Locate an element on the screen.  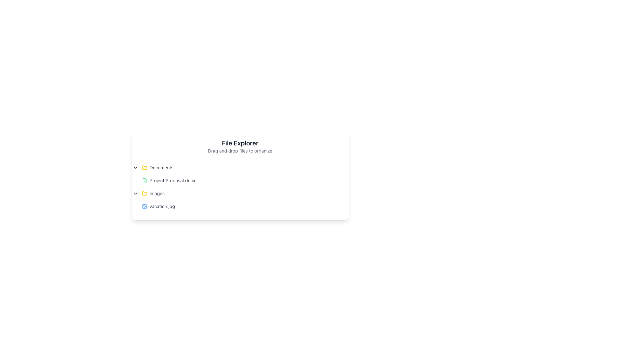
the small yellow folder icon located to the left of the 'Documents' text is located at coordinates (144, 167).